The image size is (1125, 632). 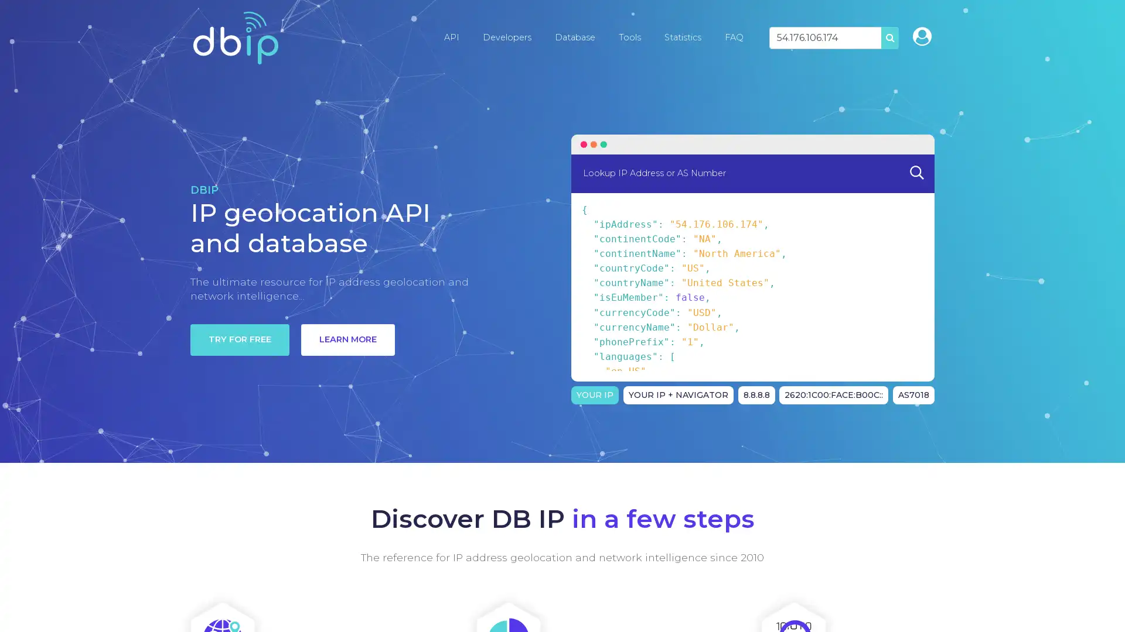 What do you see at coordinates (889, 37) in the screenshot?
I see `SEARCH` at bounding box center [889, 37].